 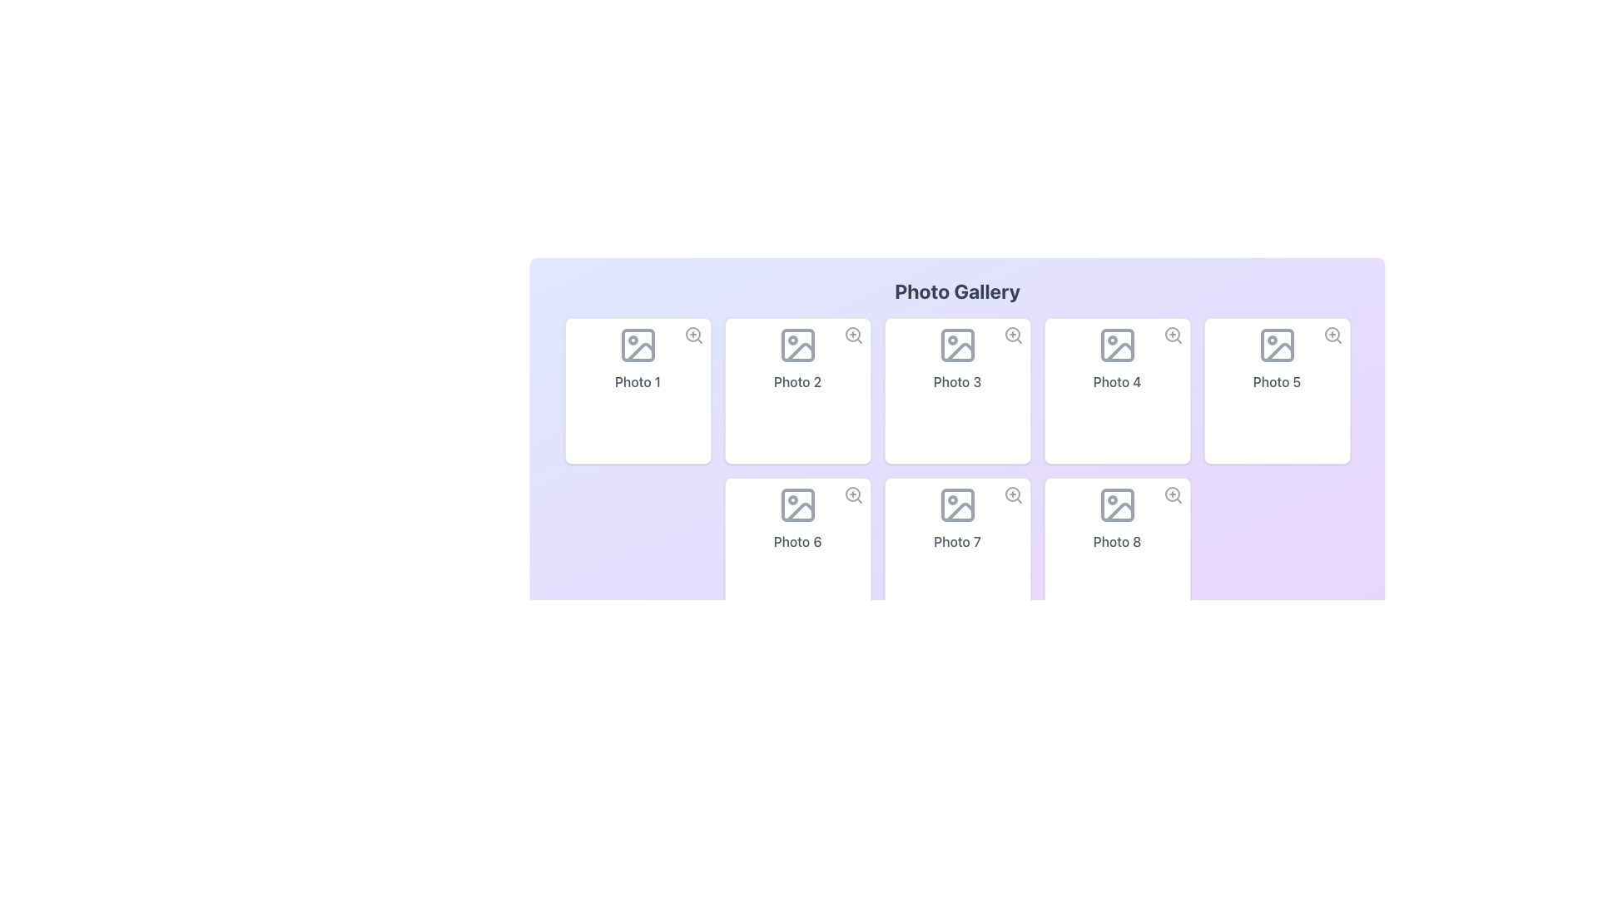 I want to click on the icon representing a photo, which is located in the card labeled 'Photo 2' in the gallery layout, positioned at the top of the card above the label text, so click(x=797, y=345).